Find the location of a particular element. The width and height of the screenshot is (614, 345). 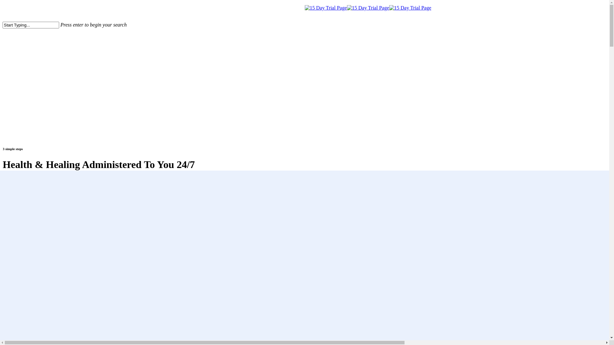

'Skip to main content' is located at coordinates (2, 5).